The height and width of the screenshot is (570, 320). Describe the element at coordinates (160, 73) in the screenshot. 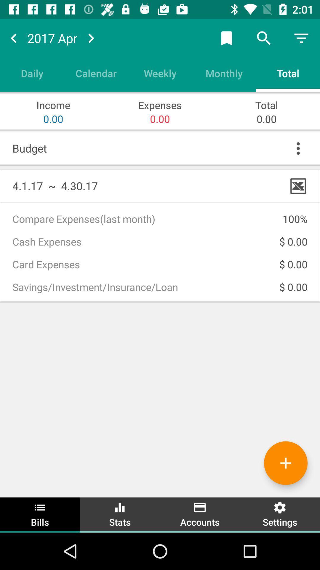

I see `icon to the left of the monthly item` at that location.